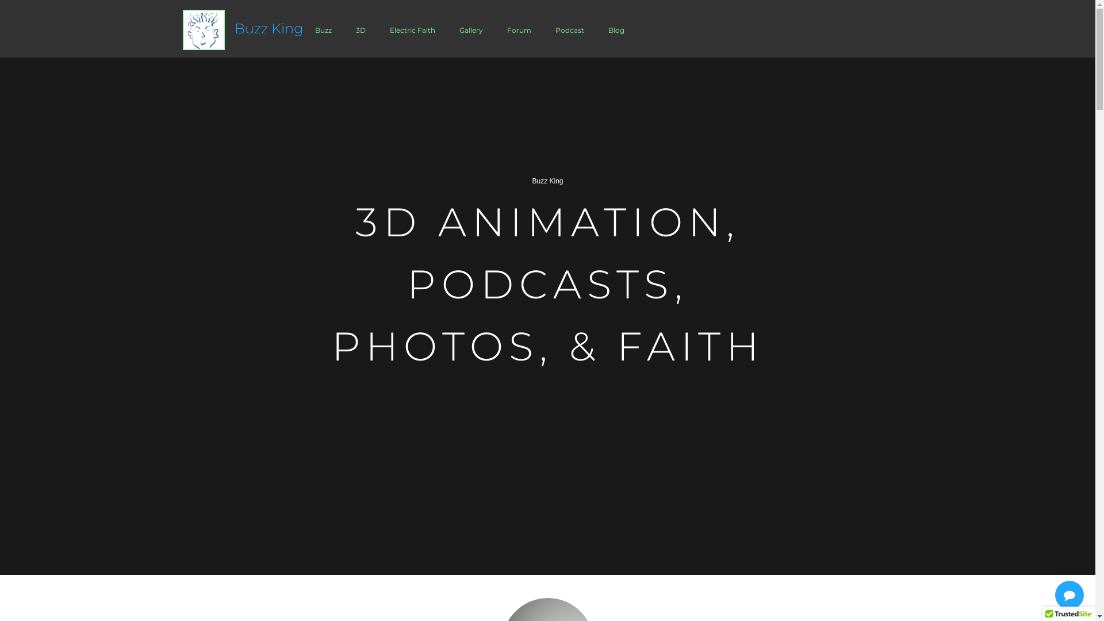 This screenshot has height=621, width=1104. I want to click on 'Gallery', so click(471, 29).